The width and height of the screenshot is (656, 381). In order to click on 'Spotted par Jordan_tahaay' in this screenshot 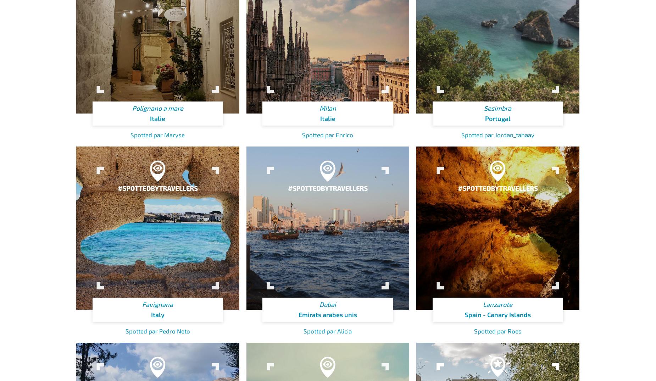, I will do `click(497, 134)`.